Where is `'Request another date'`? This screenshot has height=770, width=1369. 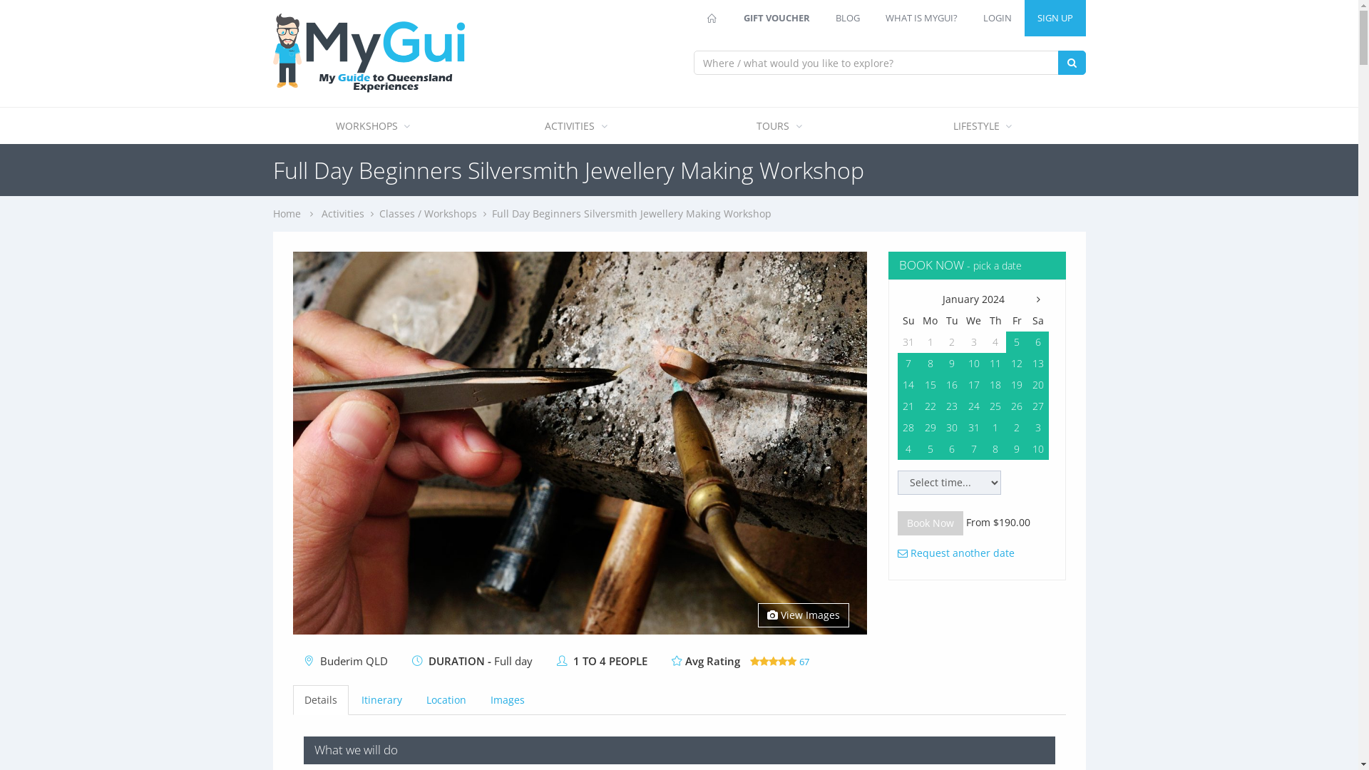 'Request another date' is located at coordinates (955, 552).